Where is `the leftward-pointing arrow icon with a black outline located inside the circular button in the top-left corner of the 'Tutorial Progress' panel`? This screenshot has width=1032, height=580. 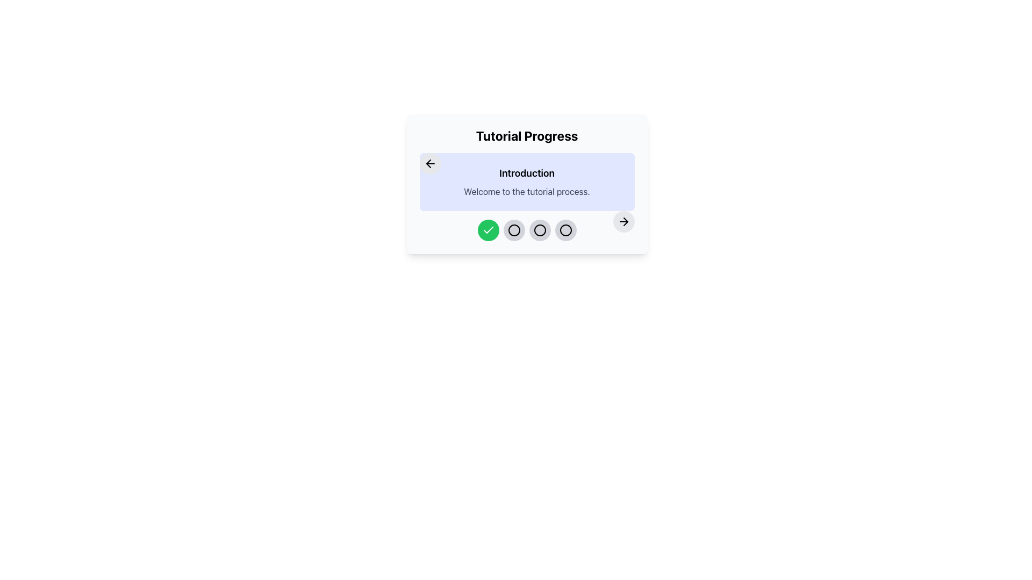
the leftward-pointing arrow icon with a black outline located inside the circular button in the top-left corner of the 'Tutorial Progress' panel is located at coordinates (430, 163).